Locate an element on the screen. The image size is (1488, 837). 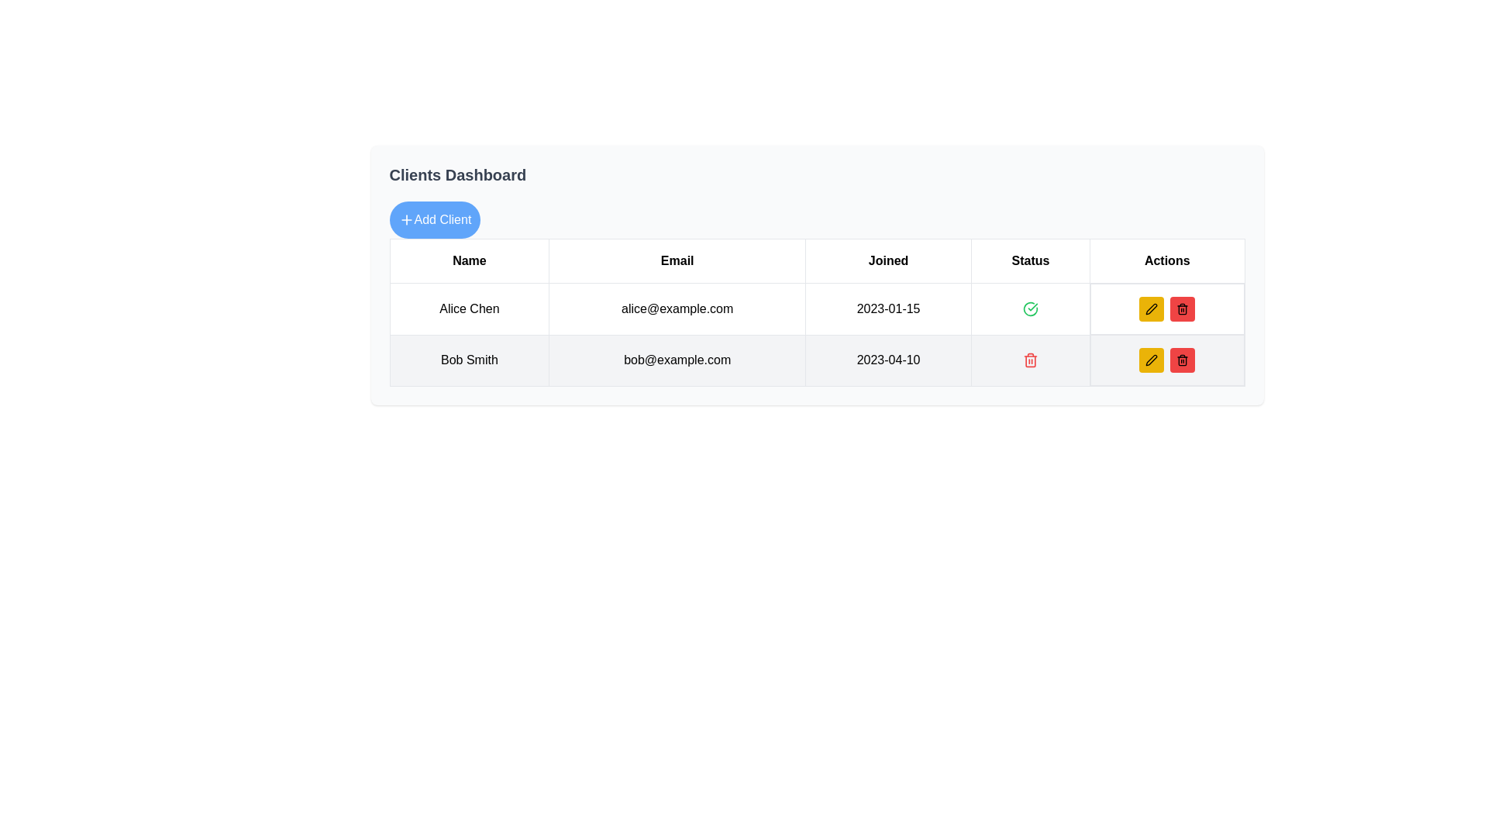
the leftmost button in the 'Actions' column of the second row in the data table to initiate editing is located at coordinates (1152, 360).